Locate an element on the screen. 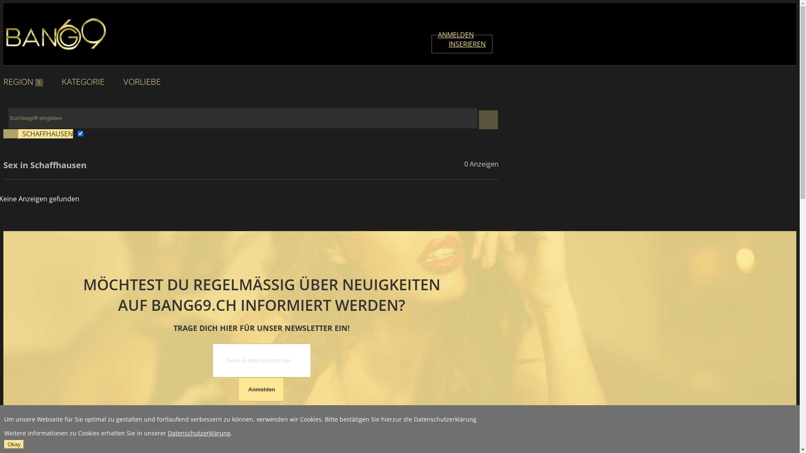  'Okay' is located at coordinates (14, 444).